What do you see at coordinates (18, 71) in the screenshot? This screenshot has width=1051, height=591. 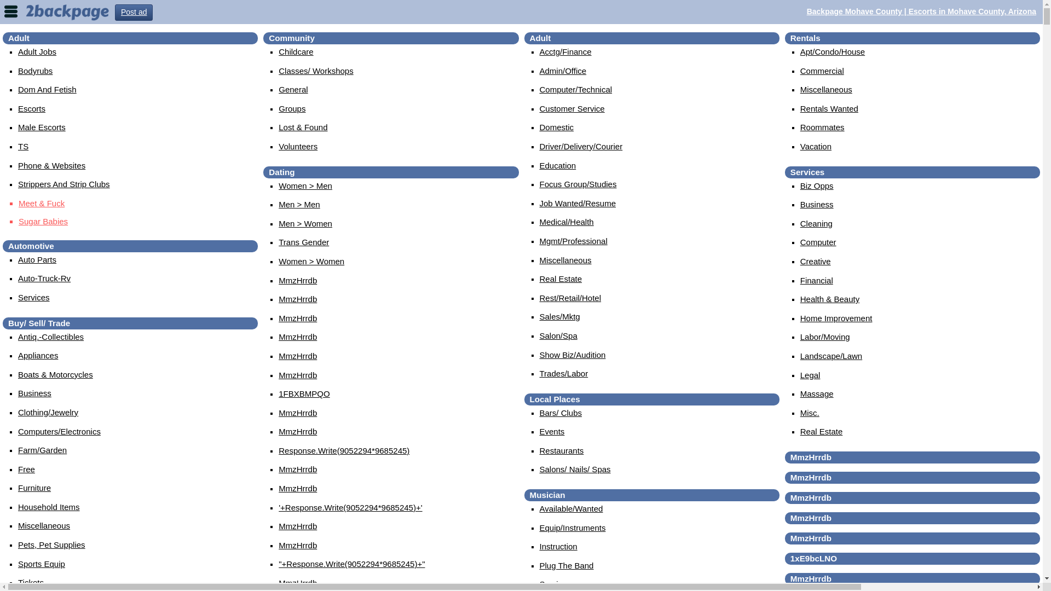 I see `'Bodyrubs'` at bounding box center [18, 71].